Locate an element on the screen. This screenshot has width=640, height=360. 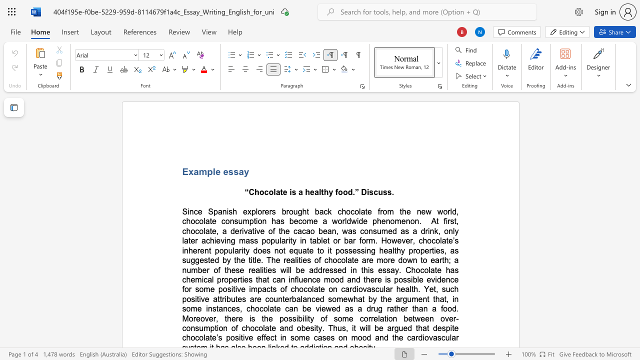
the 1th character "o" in the text is located at coordinates (334, 298).